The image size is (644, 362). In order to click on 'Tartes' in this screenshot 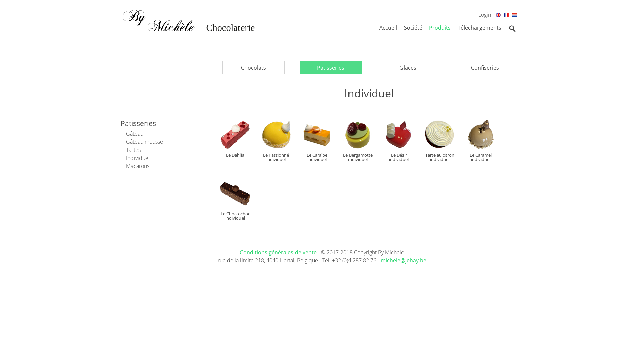, I will do `click(130, 149)`.